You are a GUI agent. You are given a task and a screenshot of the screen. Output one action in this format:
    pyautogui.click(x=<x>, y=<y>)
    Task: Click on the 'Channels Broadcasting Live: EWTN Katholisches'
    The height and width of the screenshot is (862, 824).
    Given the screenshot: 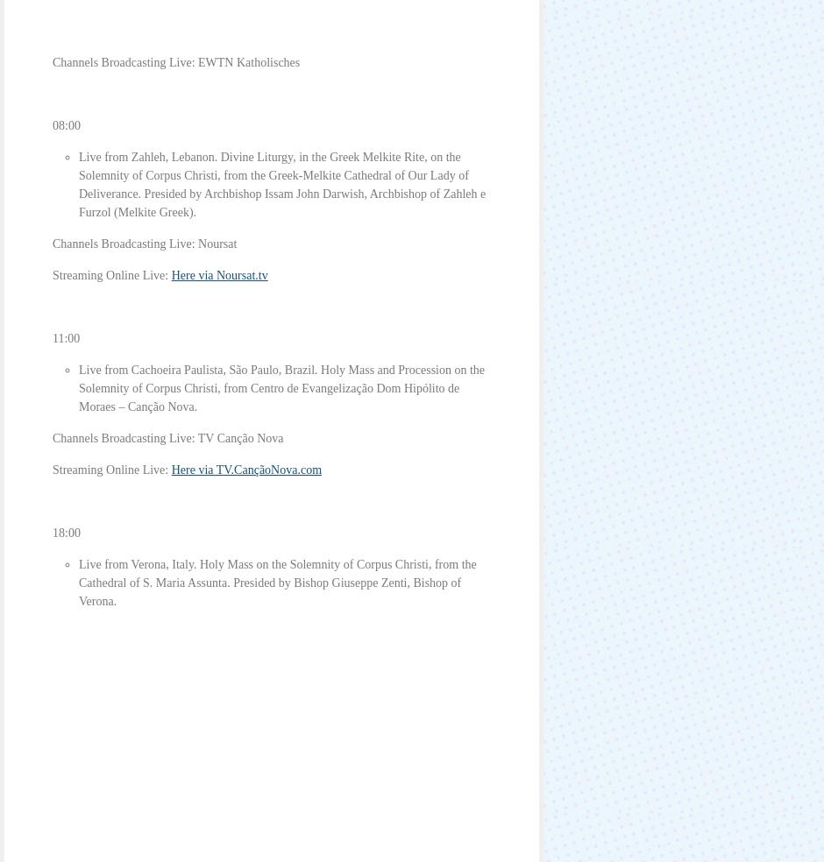 What is the action you would take?
    pyautogui.click(x=174, y=61)
    